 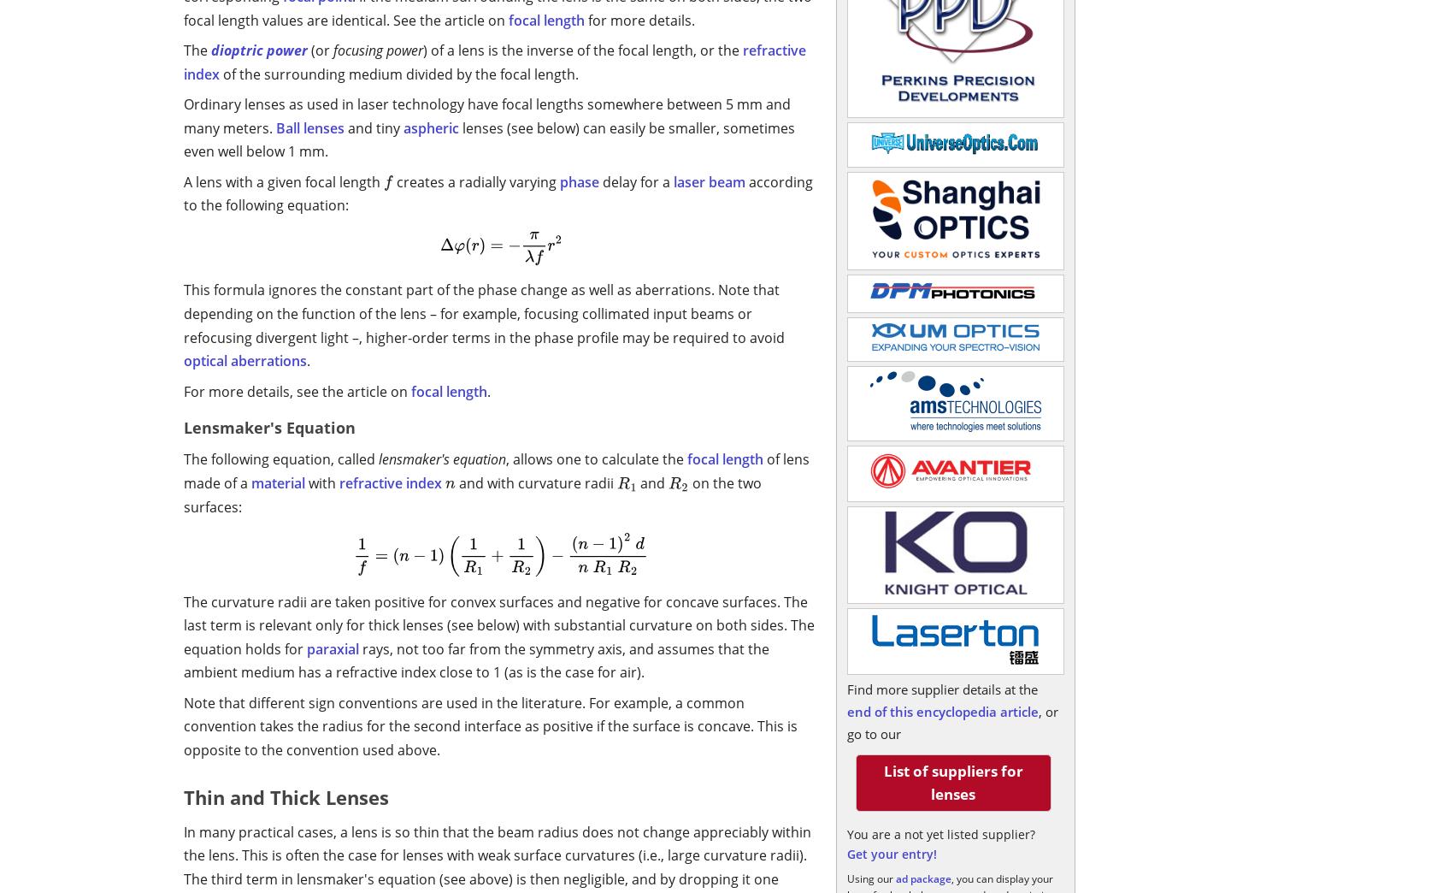 I want to click on 'Ball lenses', so click(x=309, y=126).